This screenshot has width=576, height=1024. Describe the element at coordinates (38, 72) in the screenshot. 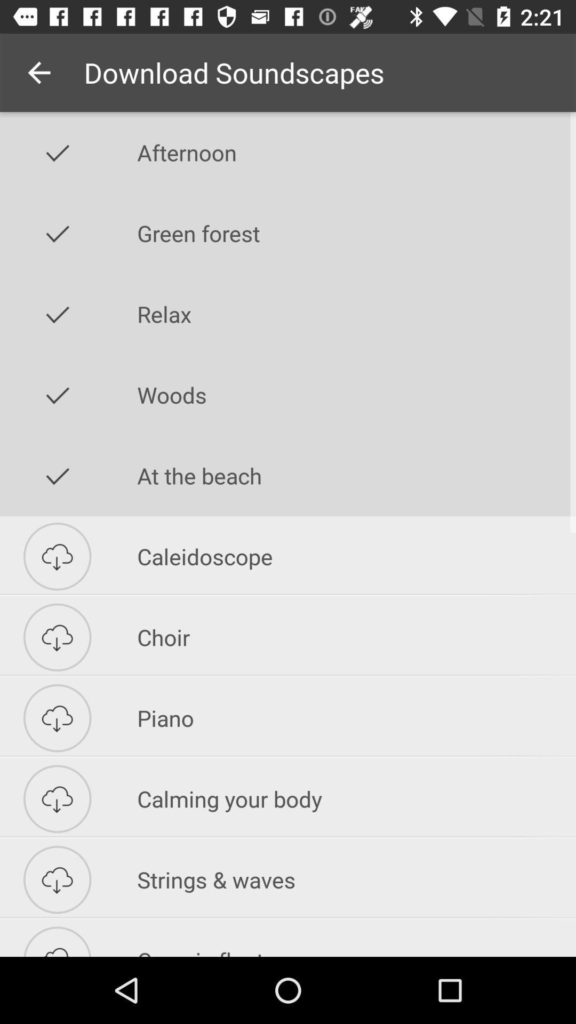

I see `icon to the left of the download soundscapes icon` at that location.